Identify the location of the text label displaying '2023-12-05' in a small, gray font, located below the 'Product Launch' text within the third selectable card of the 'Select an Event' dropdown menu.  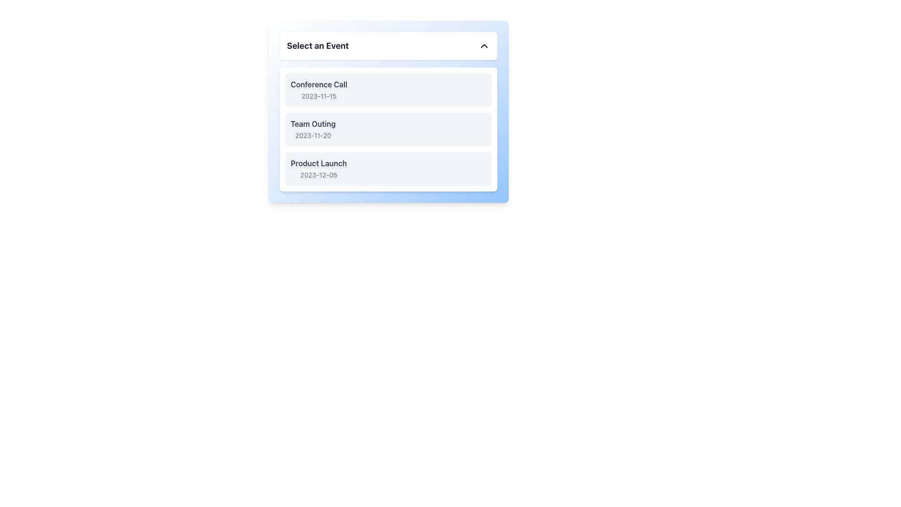
(319, 175).